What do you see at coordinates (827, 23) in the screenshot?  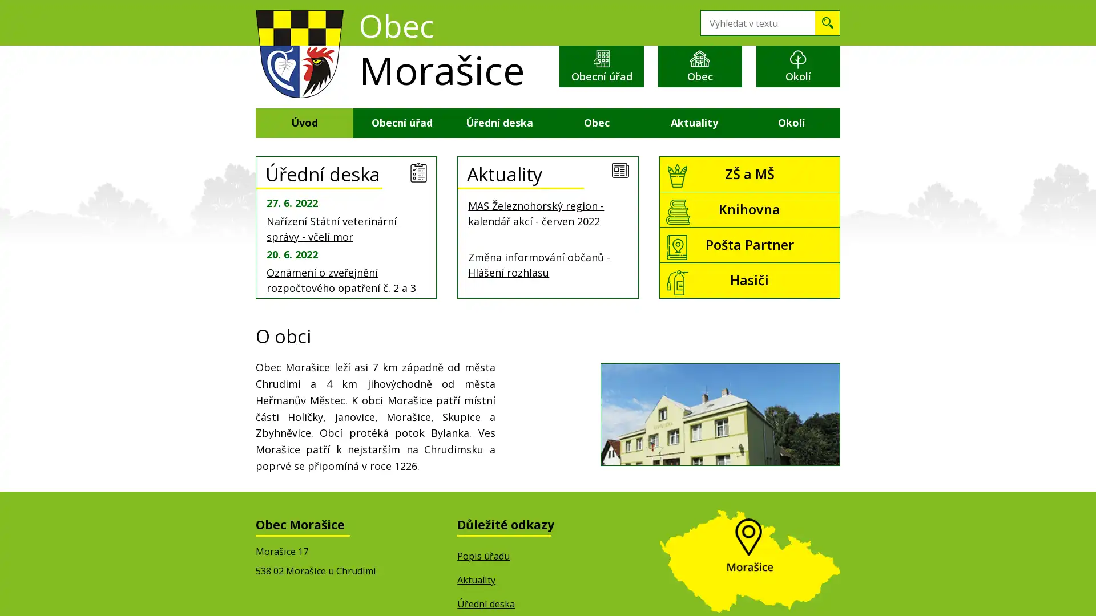 I see `Hledat` at bounding box center [827, 23].